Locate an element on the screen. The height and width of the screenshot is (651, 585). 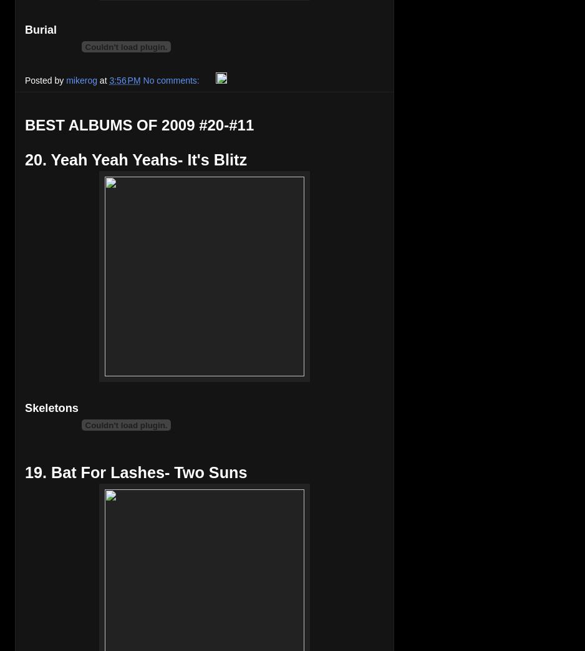
'3:56 PM' is located at coordinates (123, 79).